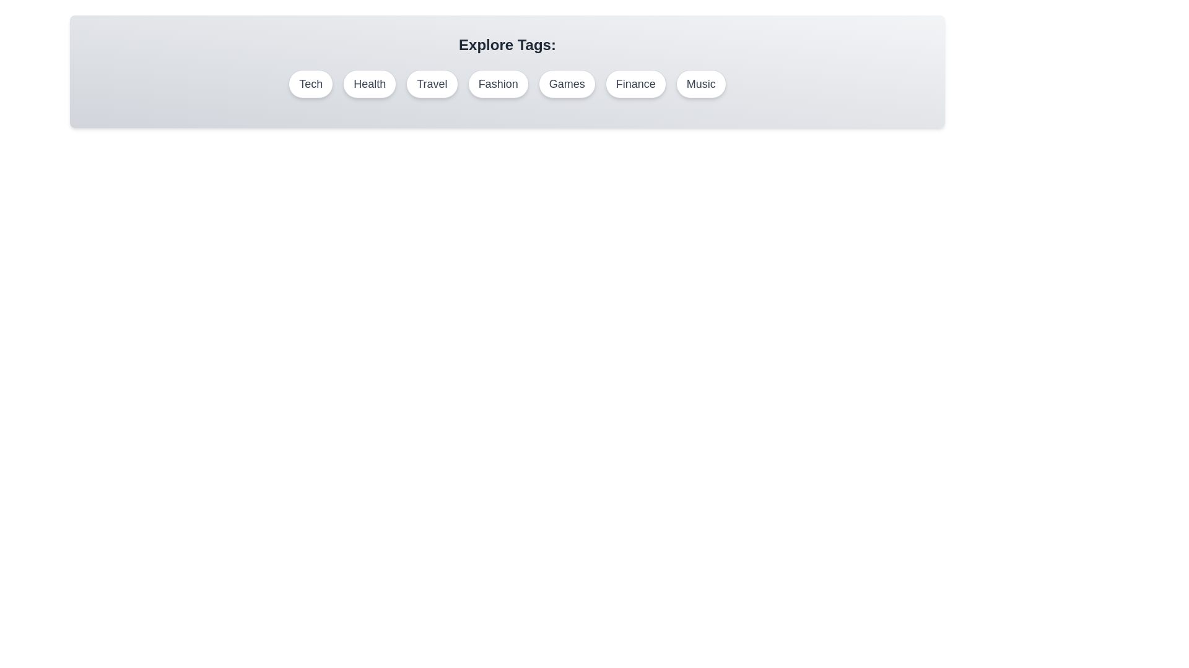 The image size is (1189, 668). I want to click on the tag labeled Games to select it, so click(567, 83).